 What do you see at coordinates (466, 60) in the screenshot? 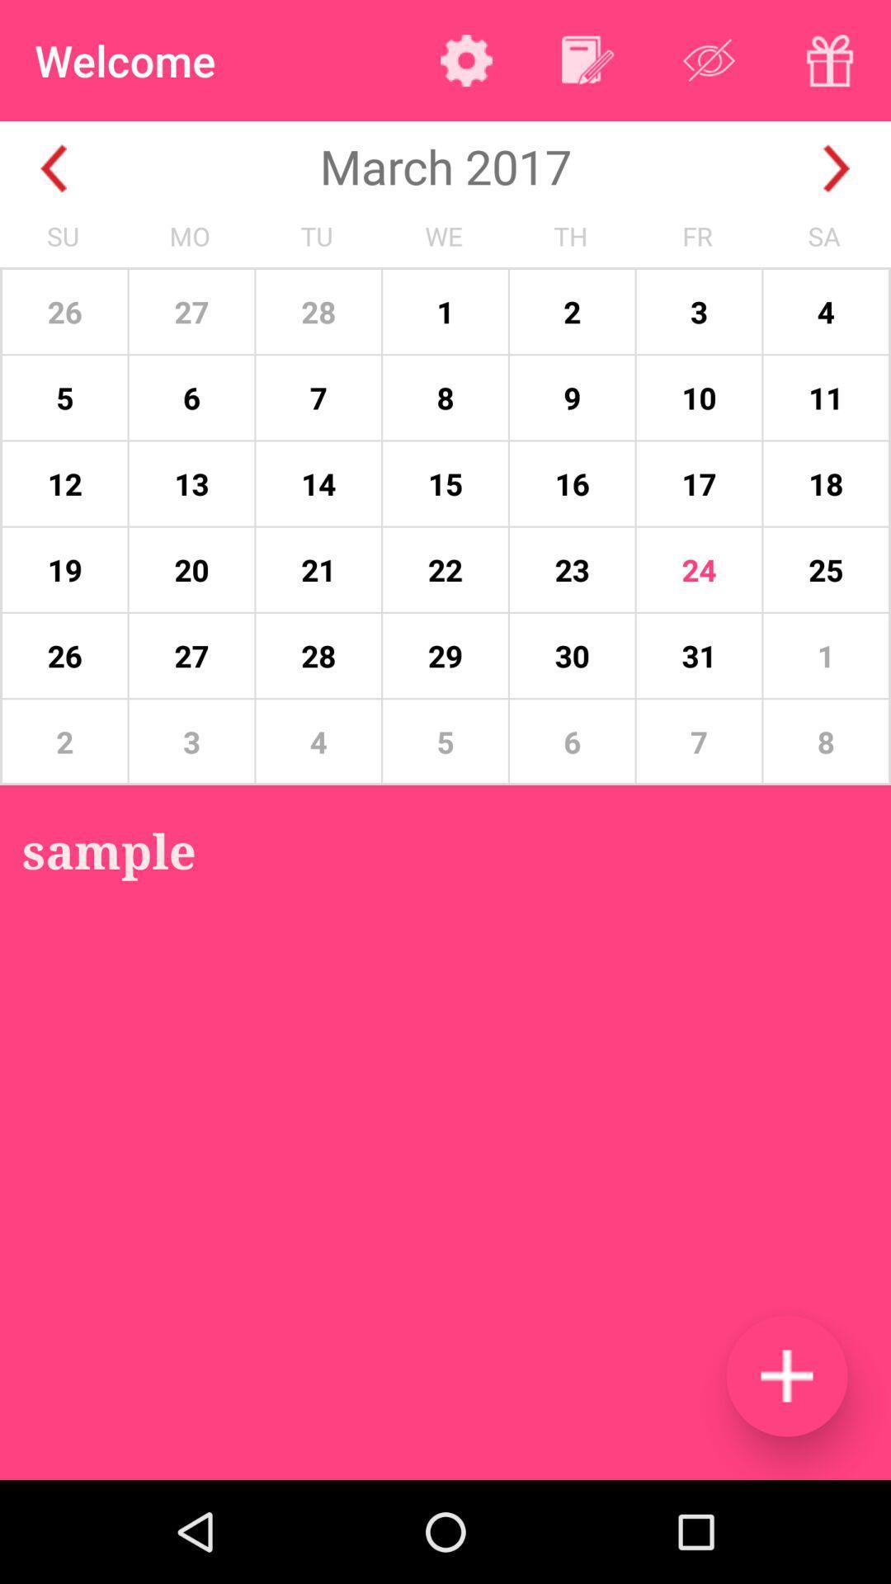
I see `settings wheel` at bounding box center [466, 60].